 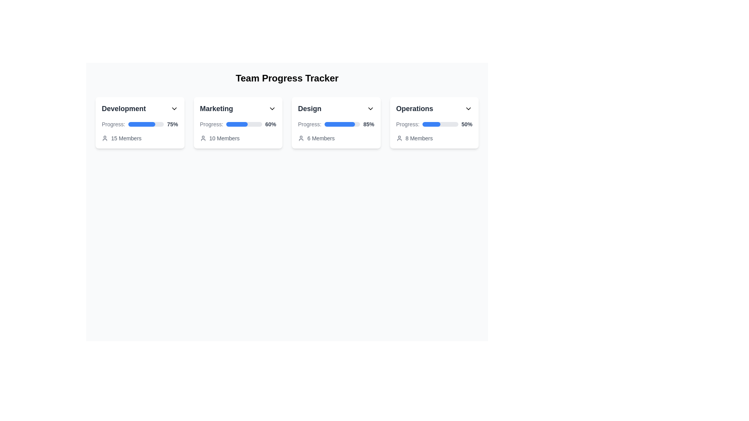 I want to click on the text label that serves as the title for the card representing the 'Operations' department, located at the top of the fourth card in the row of cards, so click(x=414, y=108).